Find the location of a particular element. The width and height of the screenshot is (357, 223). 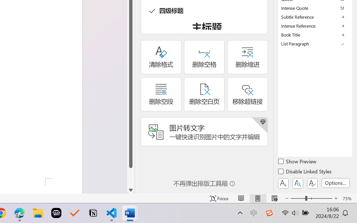

'Show Preview' is located at coordinates (297, 162).